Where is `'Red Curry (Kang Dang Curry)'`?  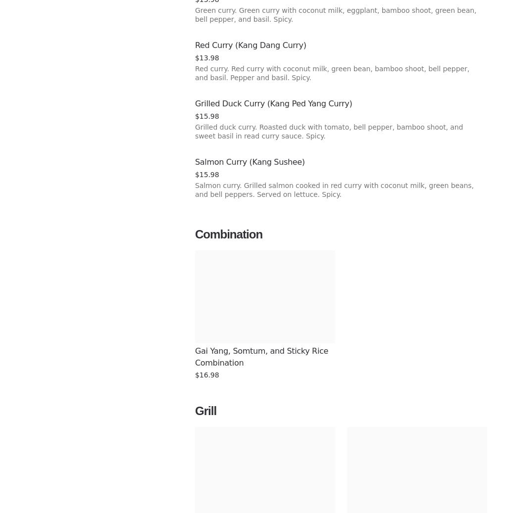
'Red Curry (Kang Dang Curry)' is located at coordinates (250, 45).